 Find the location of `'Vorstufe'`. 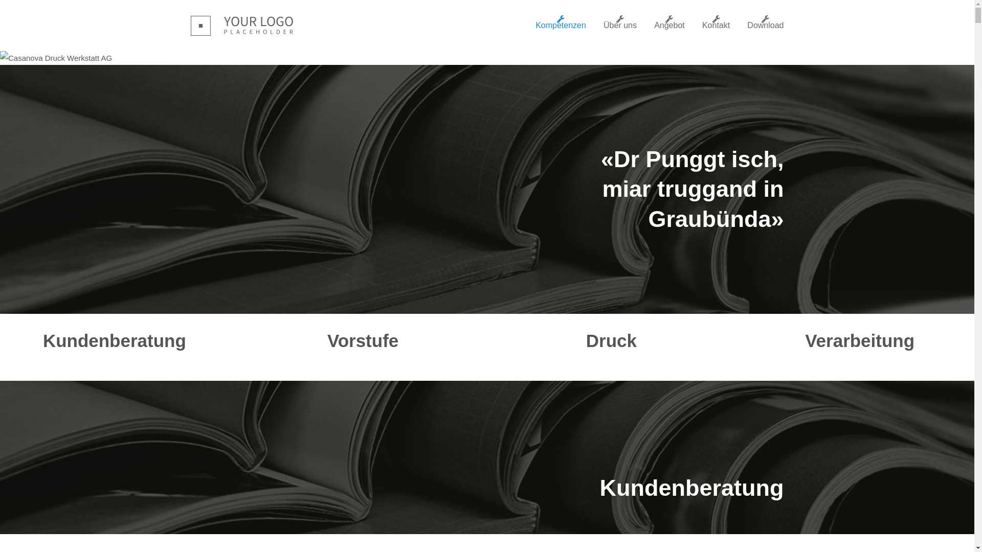

'Vorstufe' is located at coordinates (363, 340).